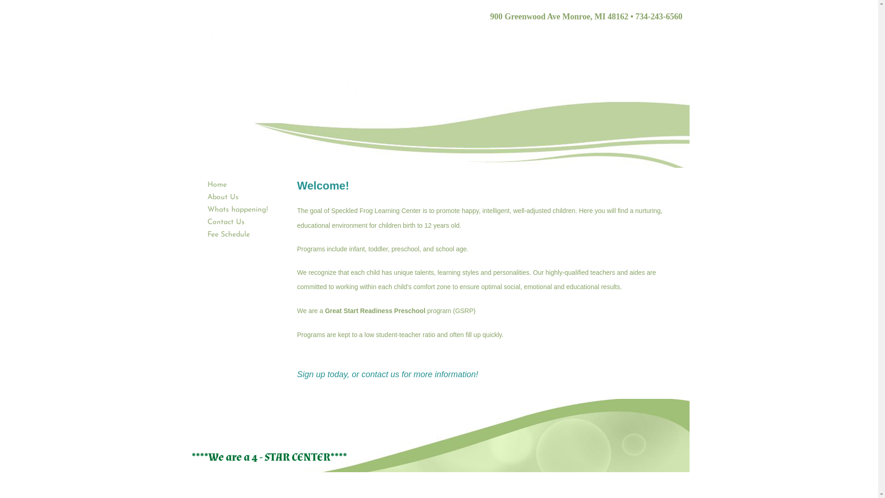 The height and width of the screenshot is (498, 885). What do you see at coordinates (223, 197) in the screenshot?
I see `'About Us'` at bounding box center [223, 197].